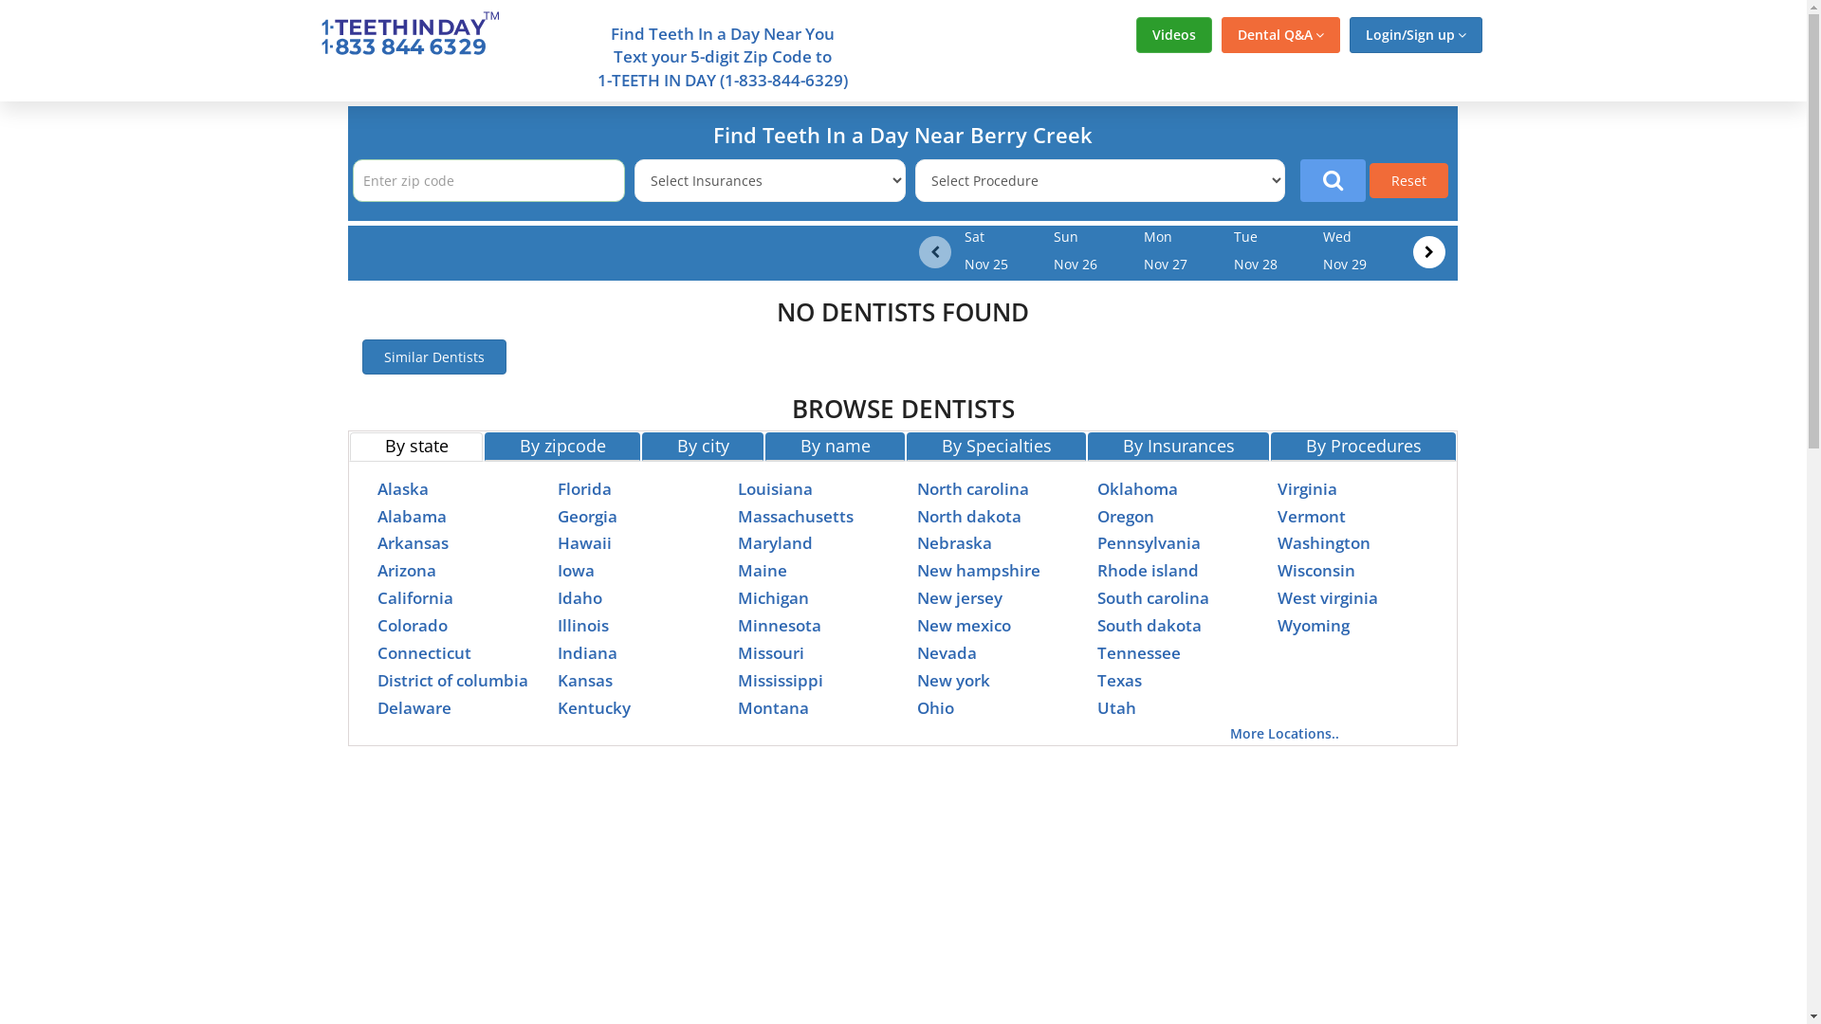 This screenshot has width=1821, height=1024. Describe the element at coordinates (579, 597) in the screenshot. I see `'Idaho'` at that location.